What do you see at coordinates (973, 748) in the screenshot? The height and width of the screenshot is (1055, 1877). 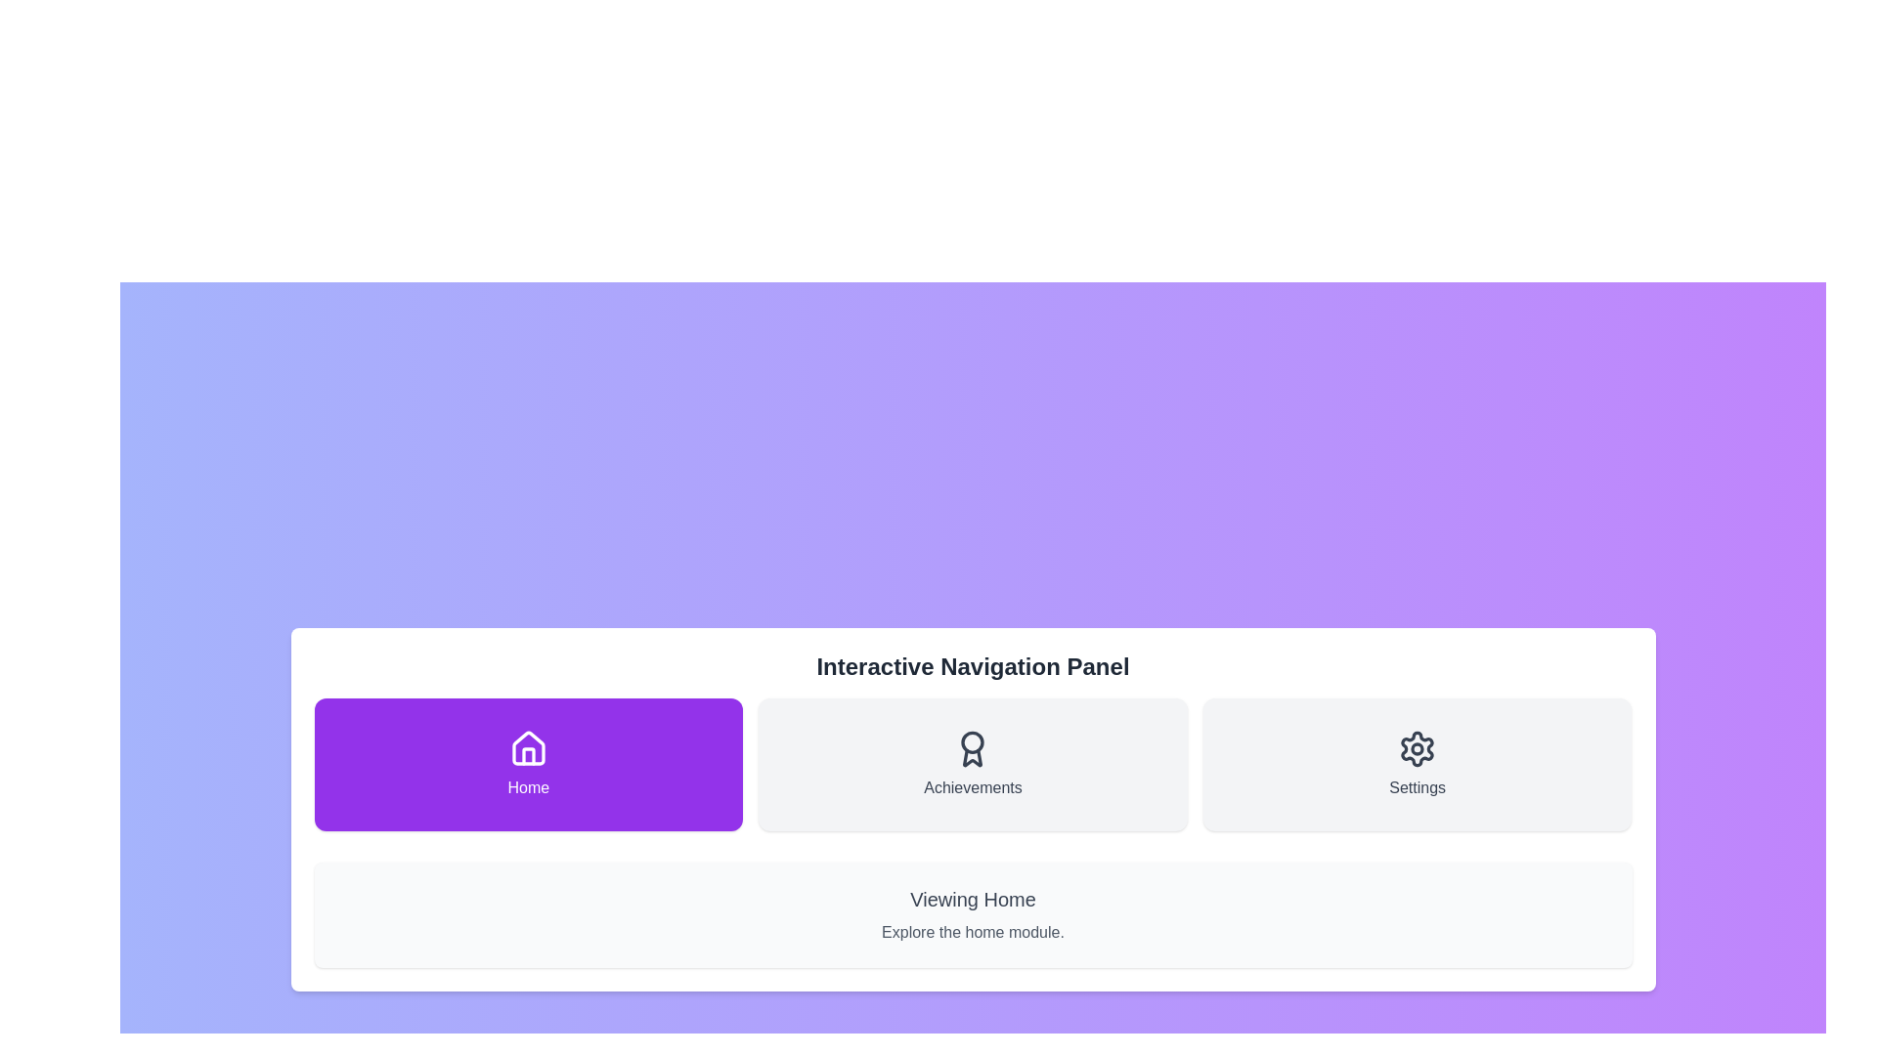 I see `the 'Achievements' icon, which symbolizes accomplishments and is located within the second navigation card of three in the interface` at bounding box center [973, 748].